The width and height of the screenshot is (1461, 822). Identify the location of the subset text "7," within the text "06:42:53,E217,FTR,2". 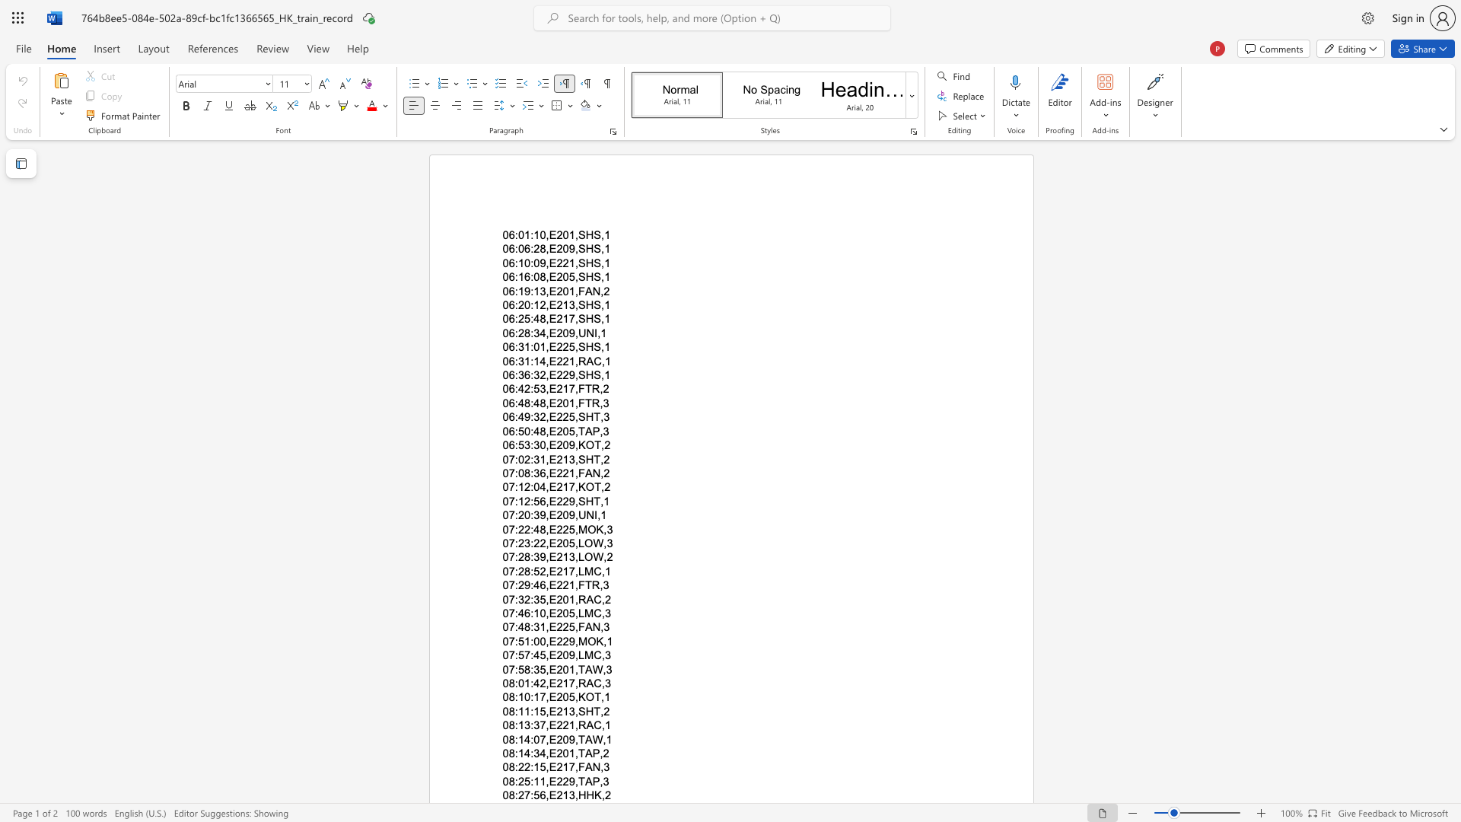
(568, 388).